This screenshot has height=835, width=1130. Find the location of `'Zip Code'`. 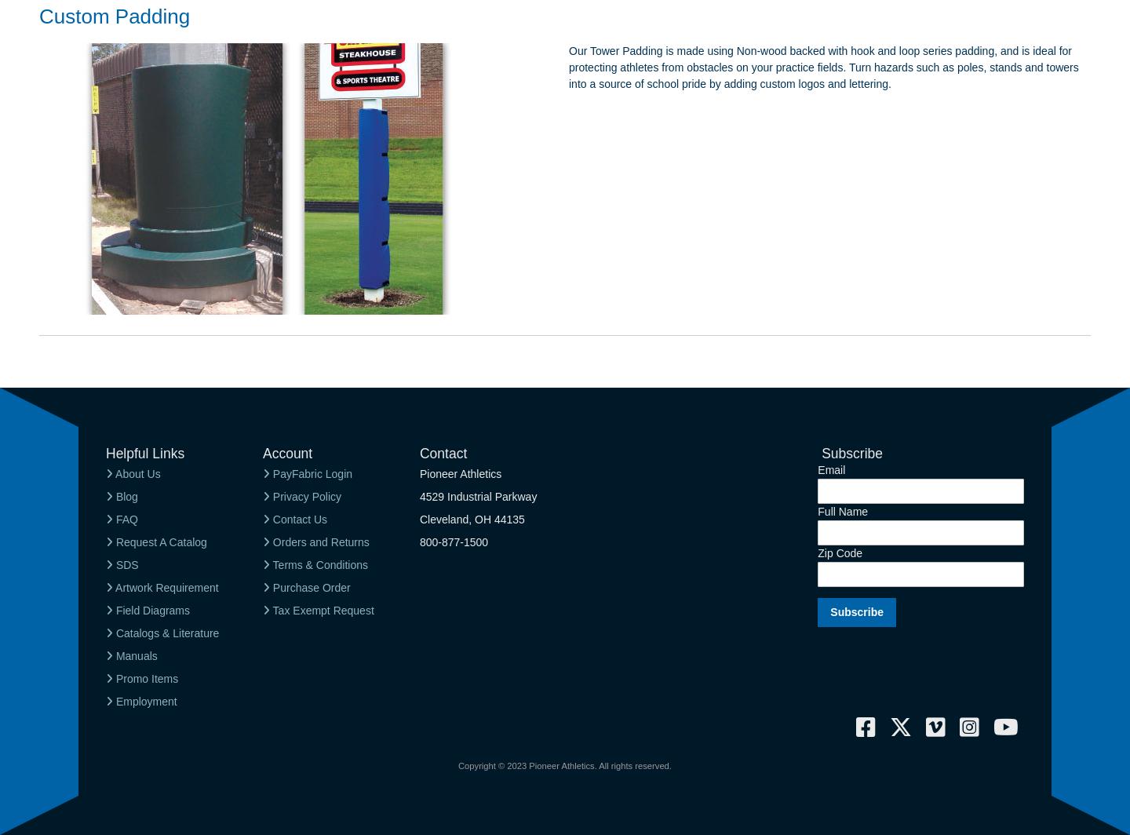

'Zip Code' is located at coordinates (817, 552).